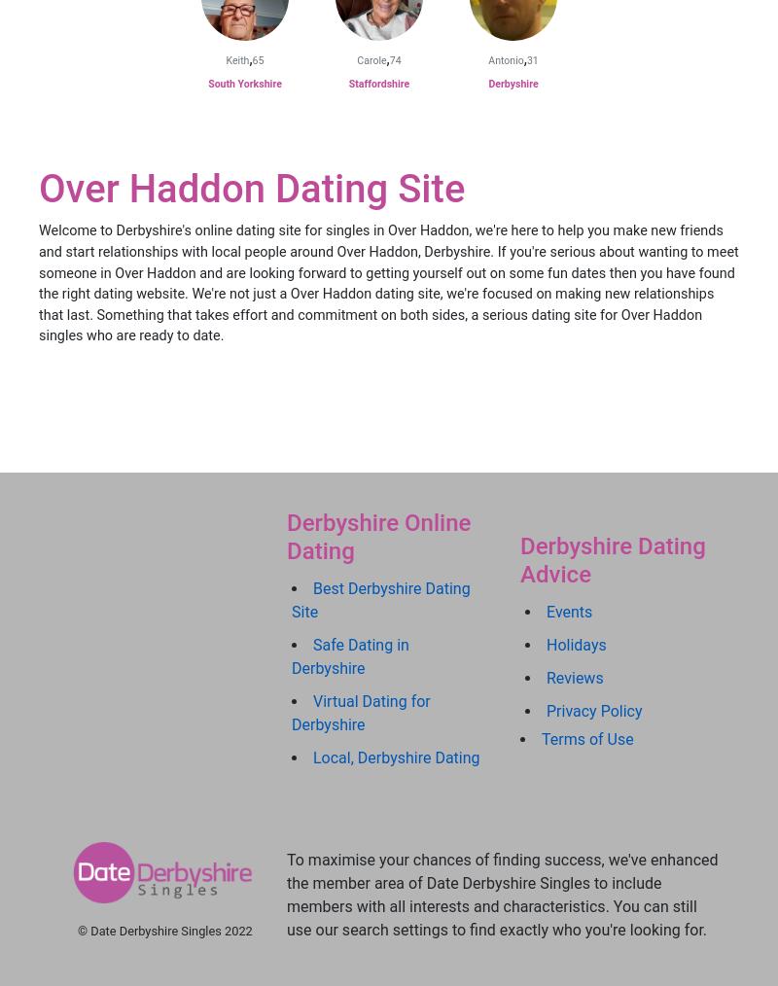  What do you see at coordinates (547, 677) in the screenshot?
I see `'Reviews'` at bounding box center [547, 677].